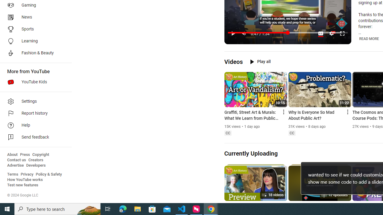 The width and height of the screenshot is (383, 215). Describe the element at coordinates (36, 165) in the screenshot. I see `'Developers'` at that location.